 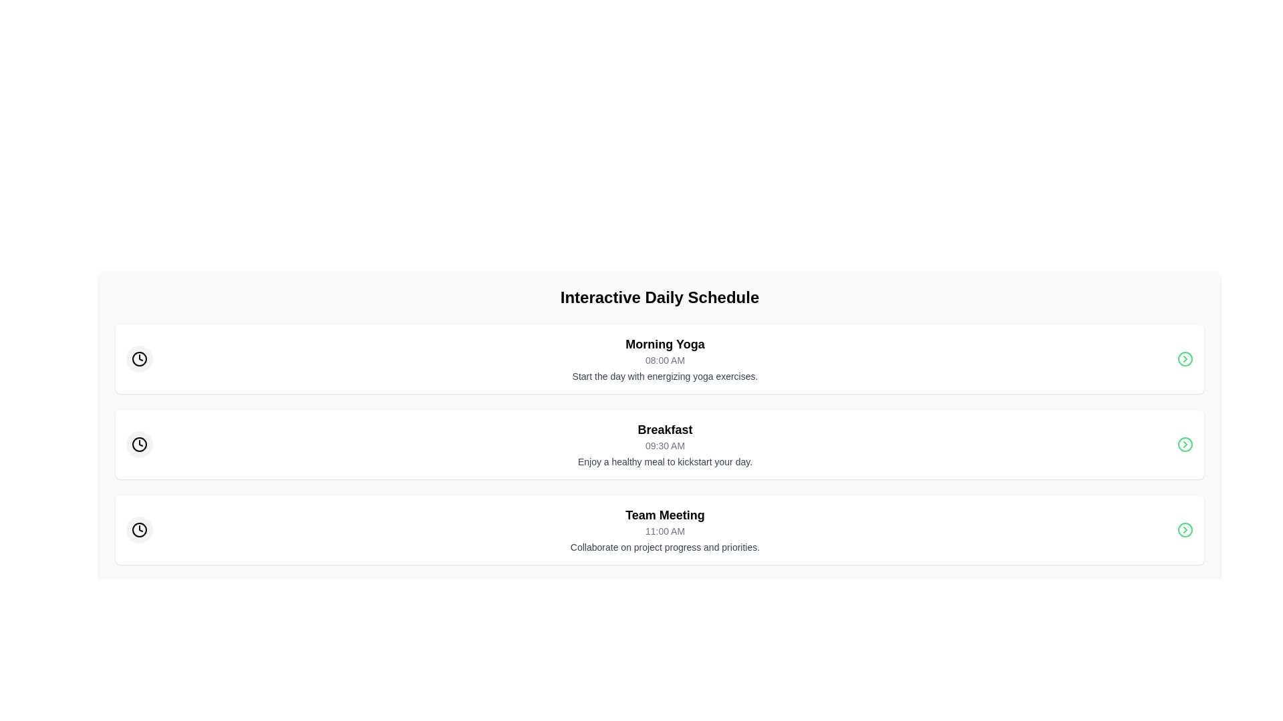 What do you see at coordinates (665, 430) in the screenshot?
I see `the 'Breakfast' section title text label, which is the first and largest text block in the middle row of the schedule layout` at bounding box center [665, 430].